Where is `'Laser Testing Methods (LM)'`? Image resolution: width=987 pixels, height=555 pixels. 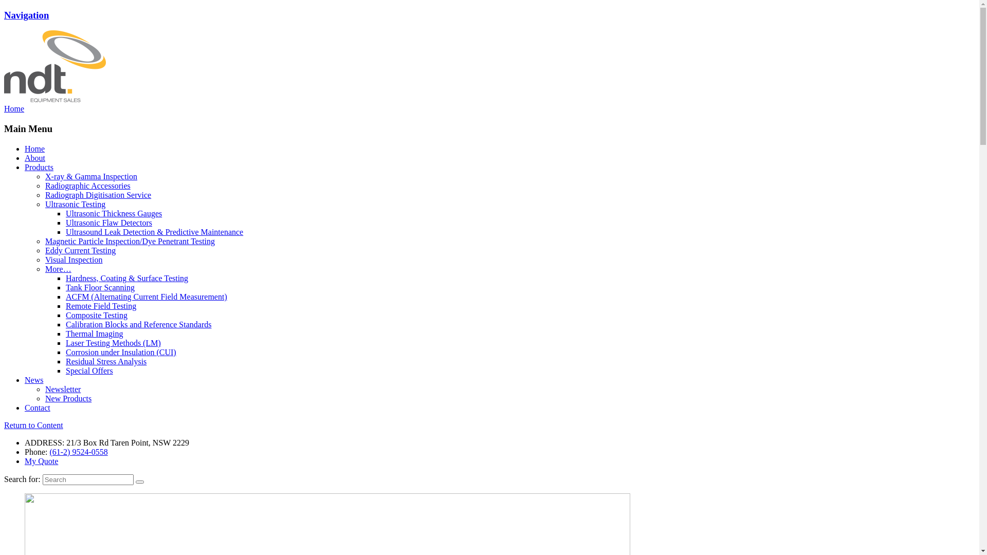
'Laser Testing Methods (LM)' is located at coordinates (65, 343).